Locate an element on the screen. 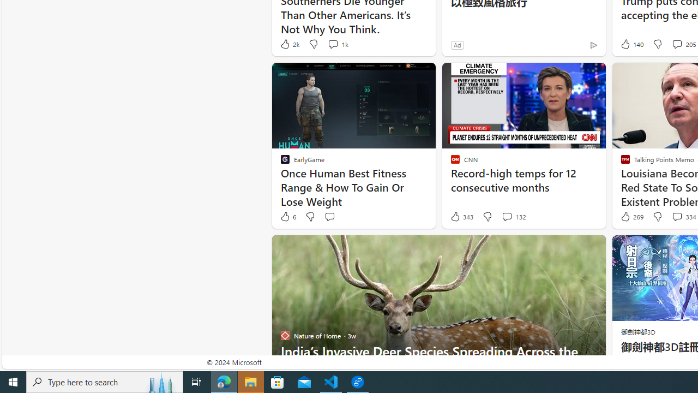  'View comments 1k Comment' is located at coordinates (332, 44).